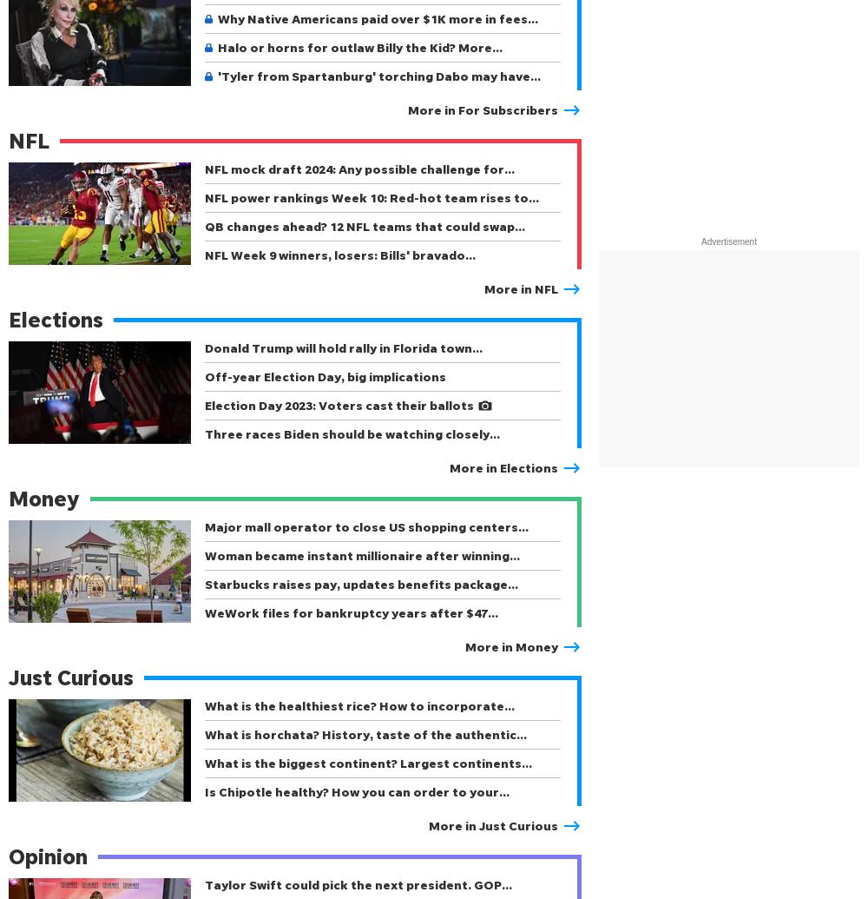  Describe the element at coordinates (503, 466) in the screenshot. I see `'More in Elections'` at that location.